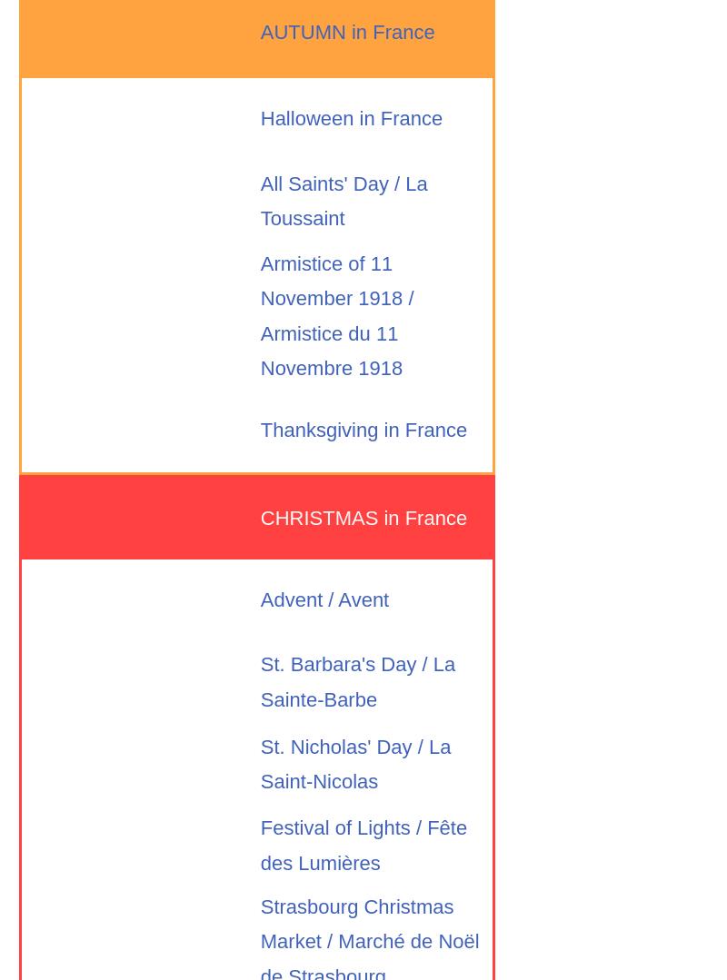 Image resolution: width=727 pixels, height=980 pixels. What do you see at coordinates (260, 117) in the screenshot?
I see `'Halloween in France'` at bounding box center [260, 117].